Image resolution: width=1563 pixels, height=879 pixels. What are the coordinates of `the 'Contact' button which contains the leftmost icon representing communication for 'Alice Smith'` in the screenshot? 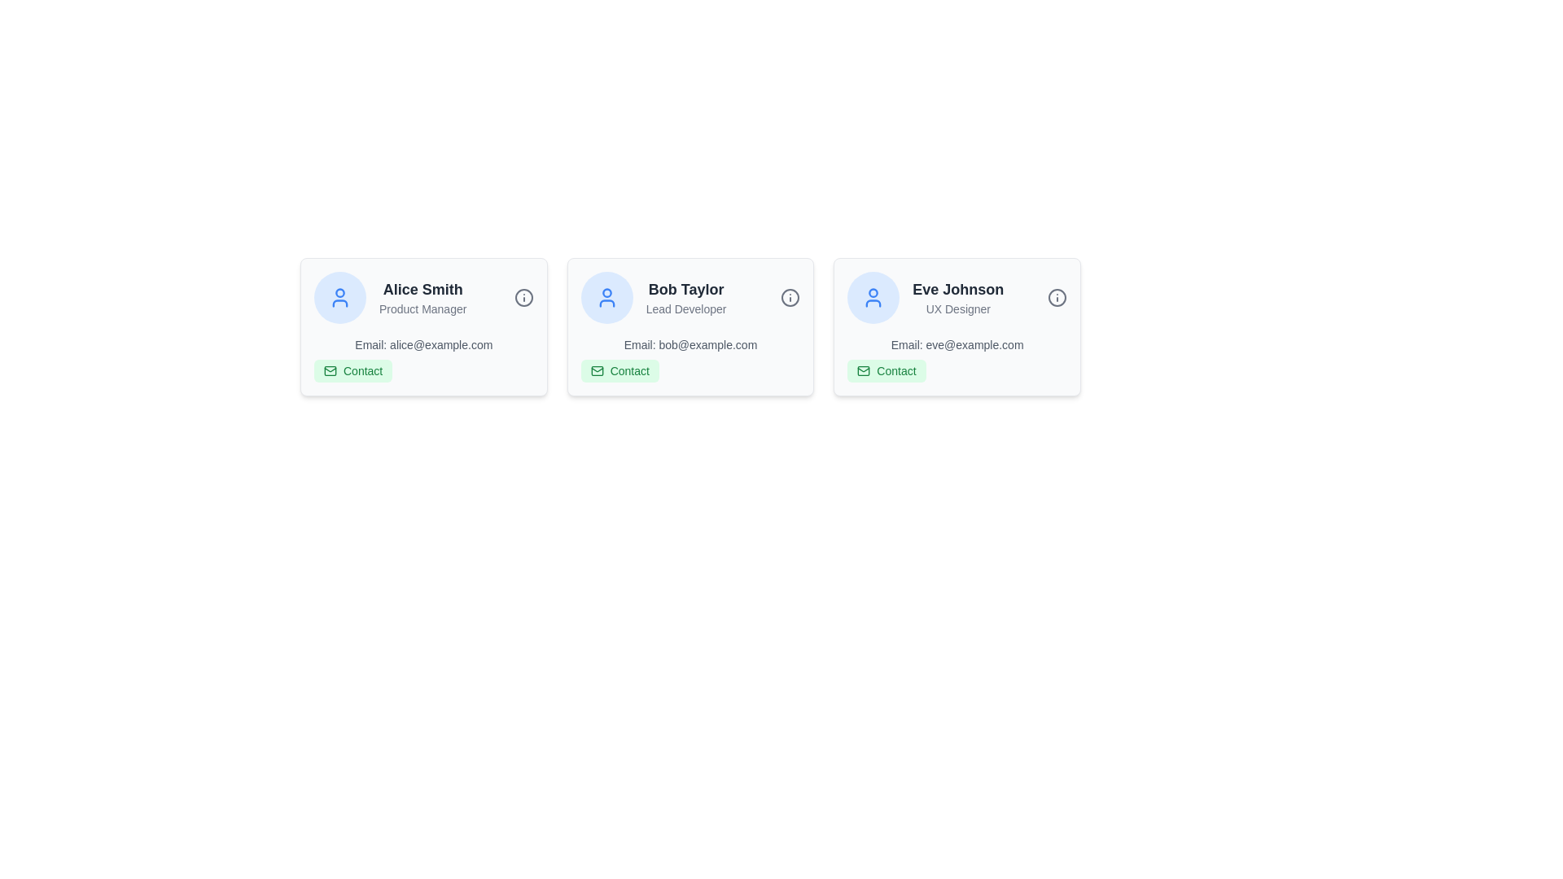 It's located at (330, 370).